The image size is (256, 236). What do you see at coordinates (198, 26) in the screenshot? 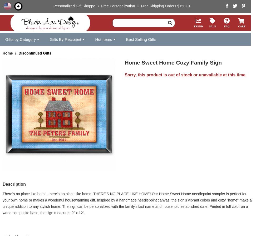
I see `'TREND'` at bounding box center [198, 26].